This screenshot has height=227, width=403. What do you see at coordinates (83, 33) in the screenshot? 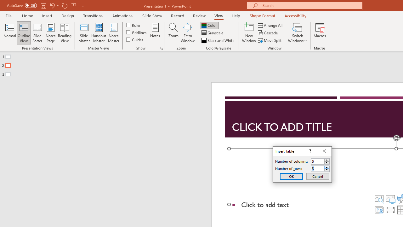
I see `'Slide Master'` at bounding box center [83, 33].